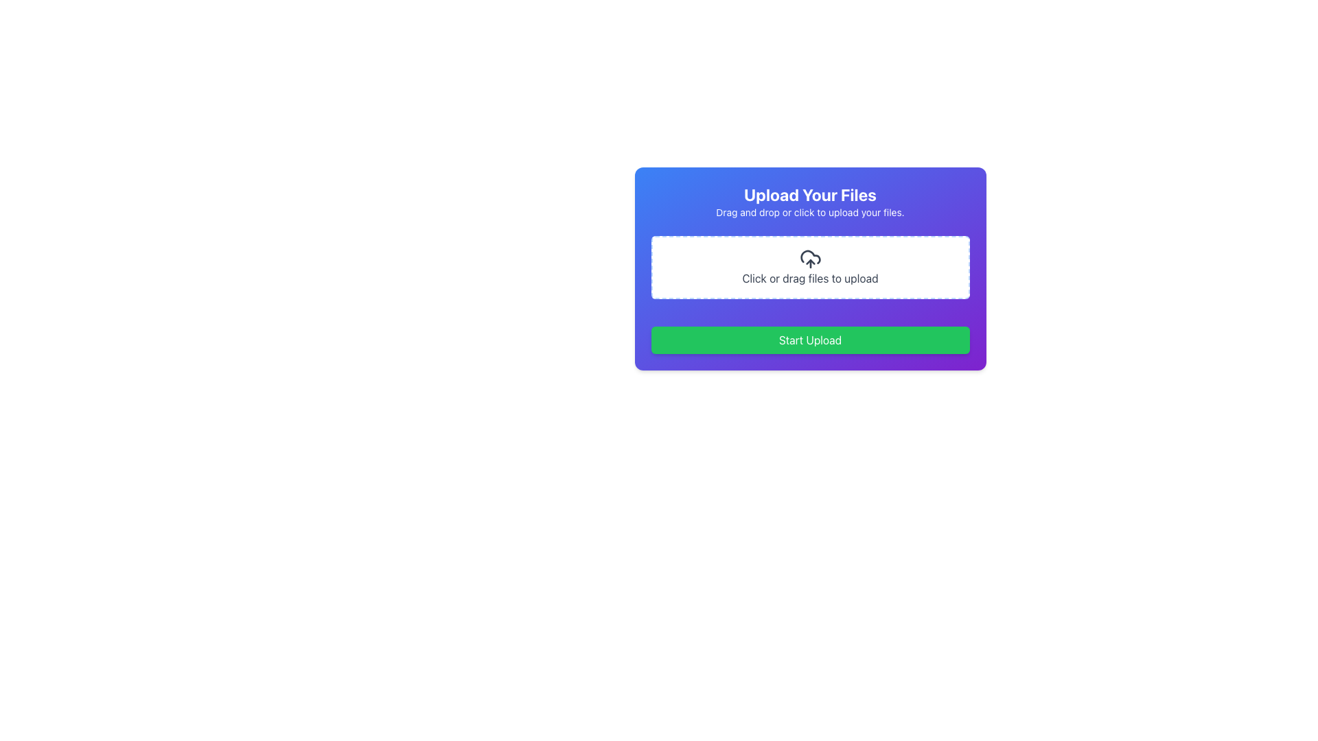 This screenshot has width=1318, height=741. What do you see at coordinates (810, 278) in the screenshot?
I see `text label that instructs 'Click or drag files to upload', which is centrally aligned within the file upload box` at bounding box center [810, 278].